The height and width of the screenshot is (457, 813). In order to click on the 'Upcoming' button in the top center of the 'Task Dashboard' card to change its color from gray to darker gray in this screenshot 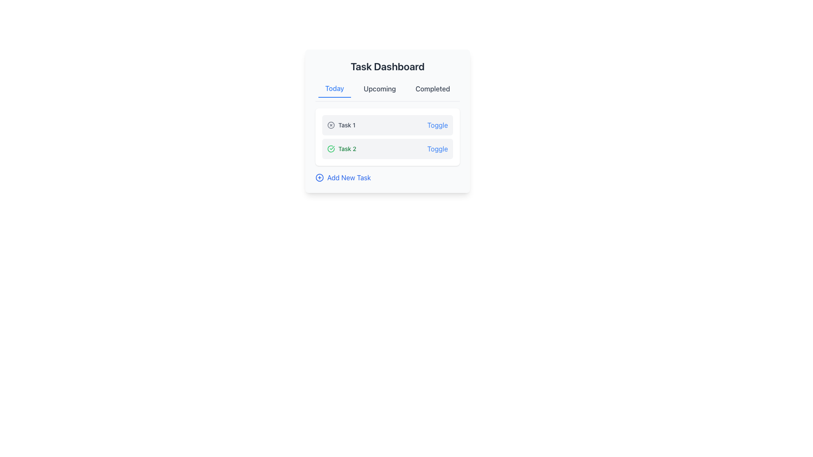, I will do `click(379, 88)`.